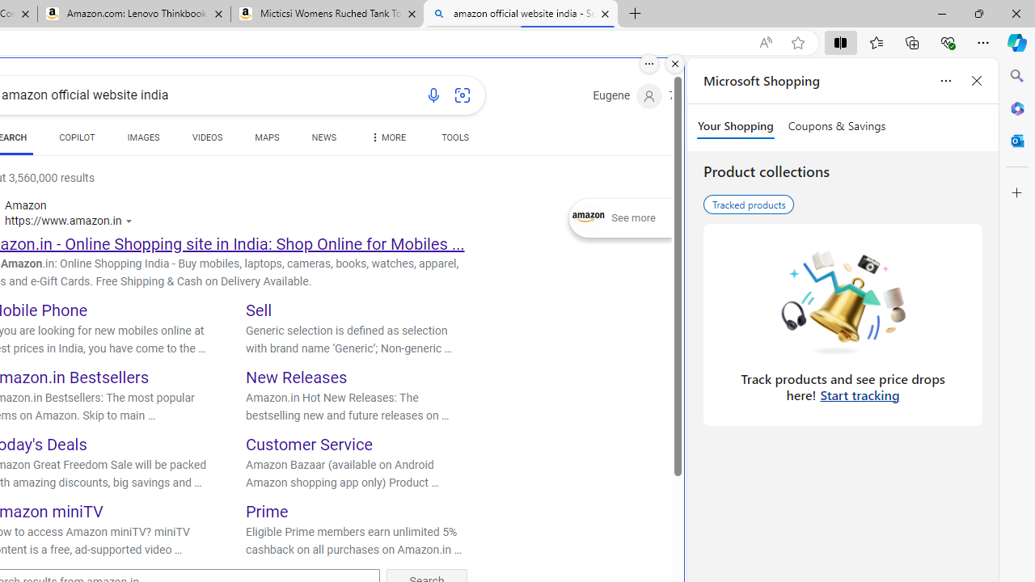 The height and width of the screenshot is (582, 1035). What do you see at coordinates (649, 63) in the screenshot?
I see `'More options.'` at bounding box center [649, 63].